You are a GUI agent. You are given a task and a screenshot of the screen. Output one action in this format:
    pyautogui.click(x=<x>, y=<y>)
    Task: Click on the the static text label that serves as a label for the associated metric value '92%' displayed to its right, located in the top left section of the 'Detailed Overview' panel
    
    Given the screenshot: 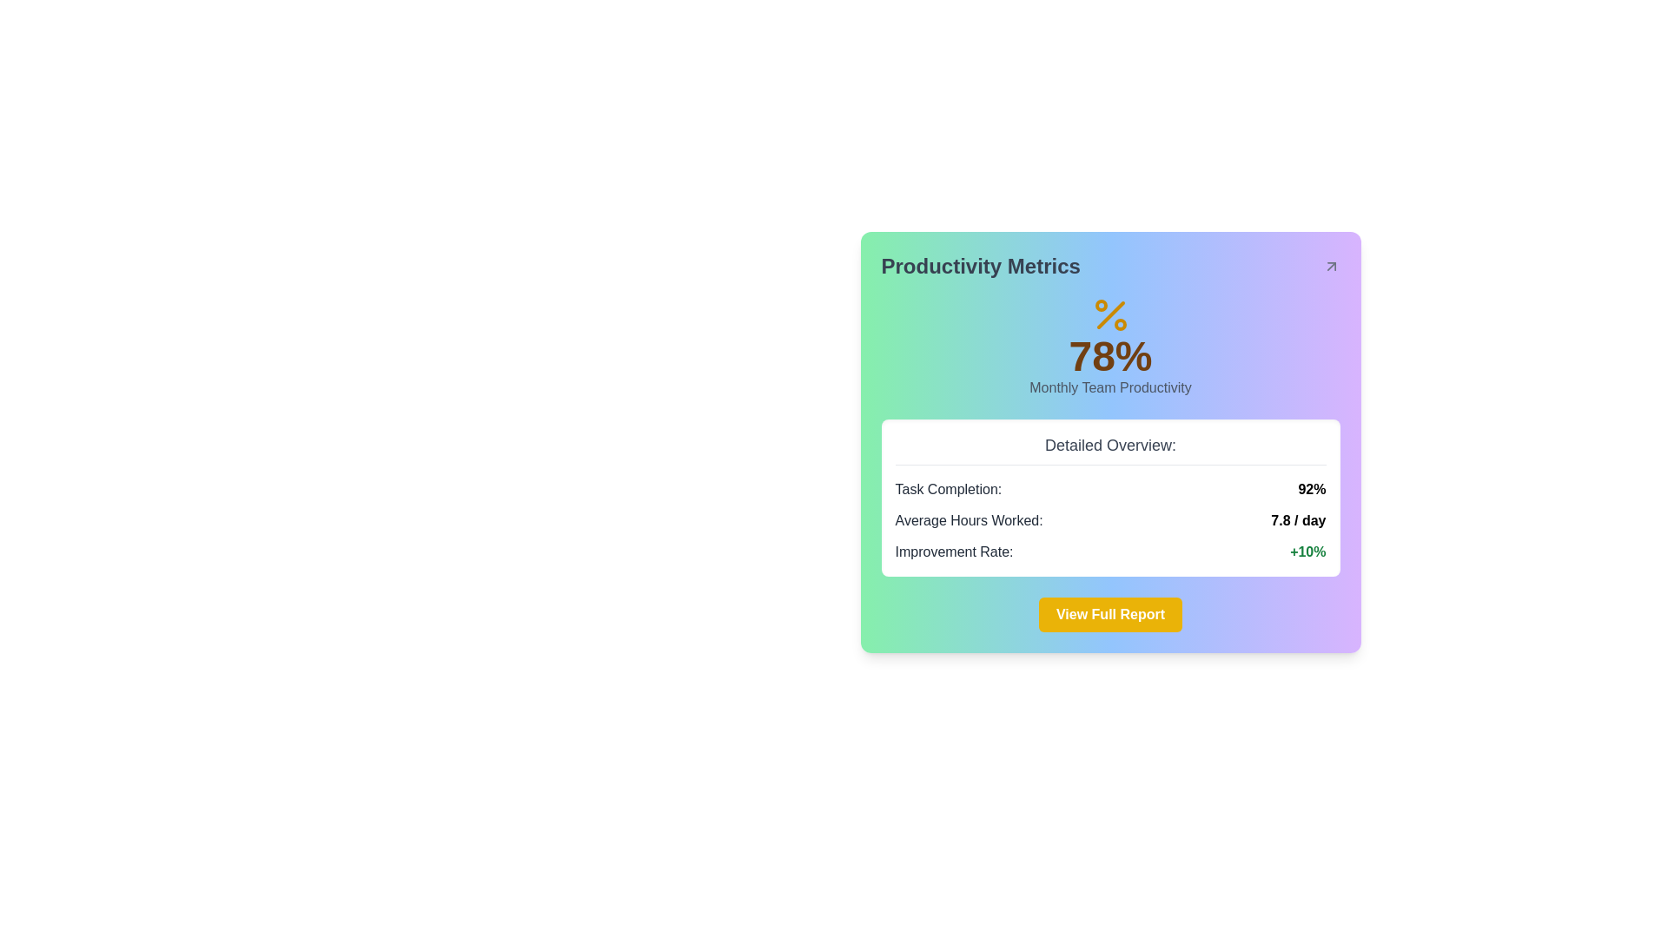 What is the action you would take?
    pyautogui.click(x=947, y=489)
    